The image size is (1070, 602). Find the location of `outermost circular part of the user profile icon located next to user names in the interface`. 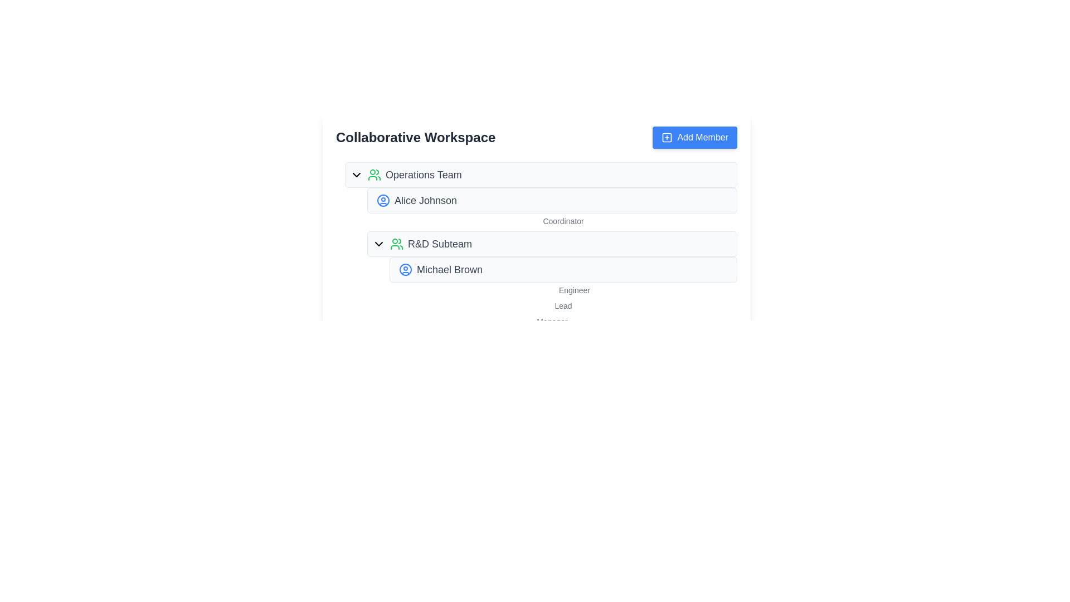

outermost circular part of the user profile icon located next to user names in the interface is located at coordinates (405, 269).